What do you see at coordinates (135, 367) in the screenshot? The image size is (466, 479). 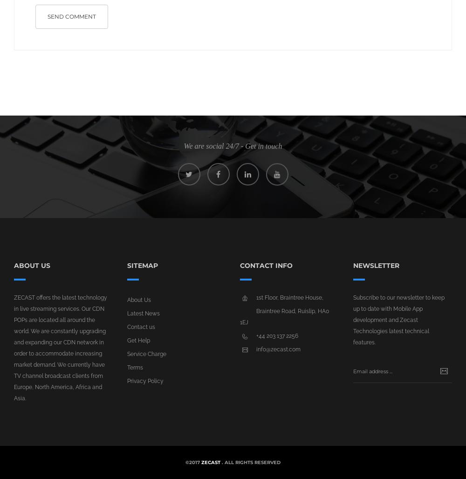 I see `'Terms'` at bounding box center [135, 367].